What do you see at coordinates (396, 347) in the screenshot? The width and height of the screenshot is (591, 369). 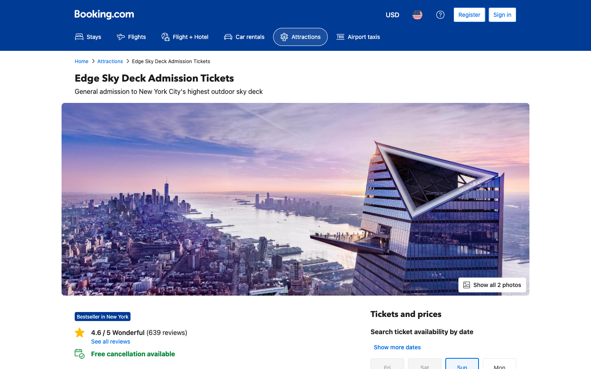 I see `Verify extra dates for ticket booking availability` at bounding box center [396, 347].